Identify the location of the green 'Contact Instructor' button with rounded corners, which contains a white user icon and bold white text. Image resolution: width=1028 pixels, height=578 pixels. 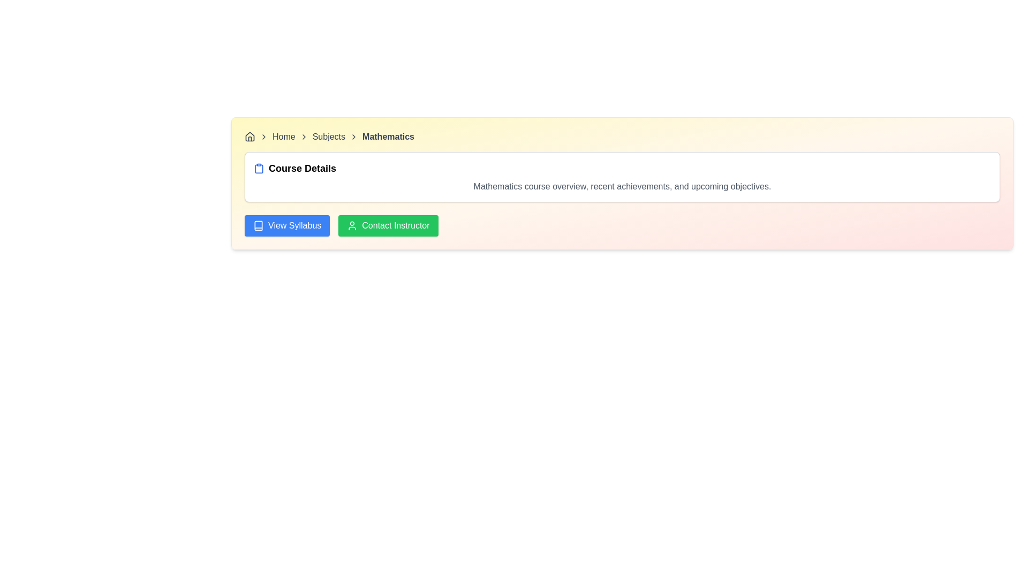
(388, 225).